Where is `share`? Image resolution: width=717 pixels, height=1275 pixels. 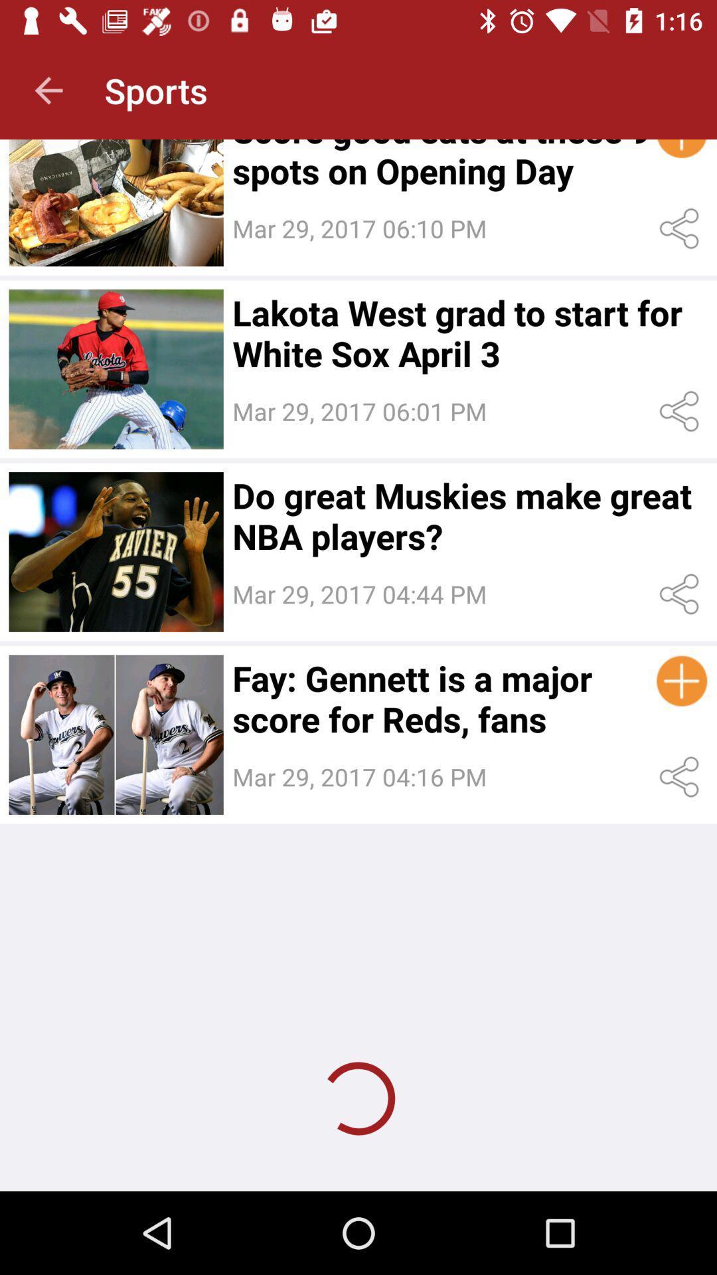
share is located at coordinates (682, 410).